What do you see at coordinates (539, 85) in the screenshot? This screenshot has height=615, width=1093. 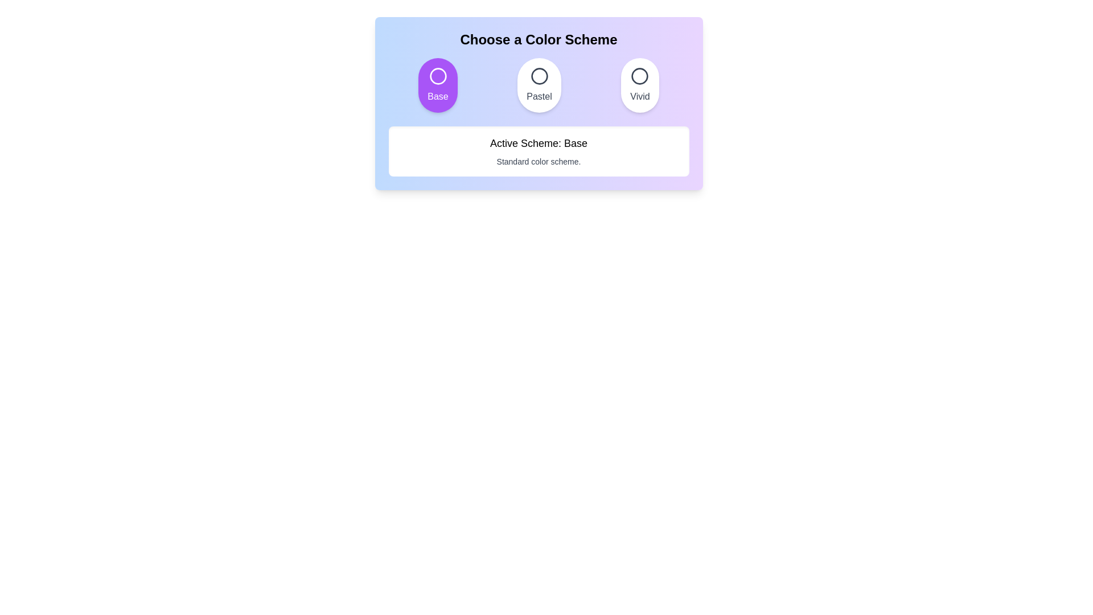 I see `the color scheme Pastel by clicking its corresponding button` at bounding box center [539, 85].